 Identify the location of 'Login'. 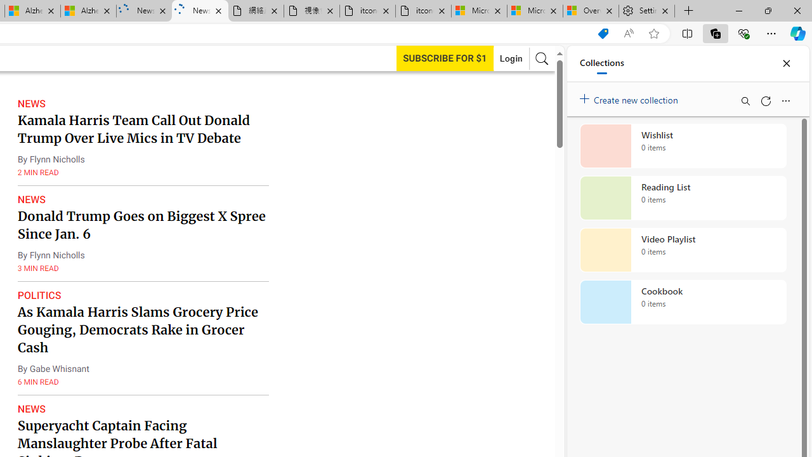
(511, 58).